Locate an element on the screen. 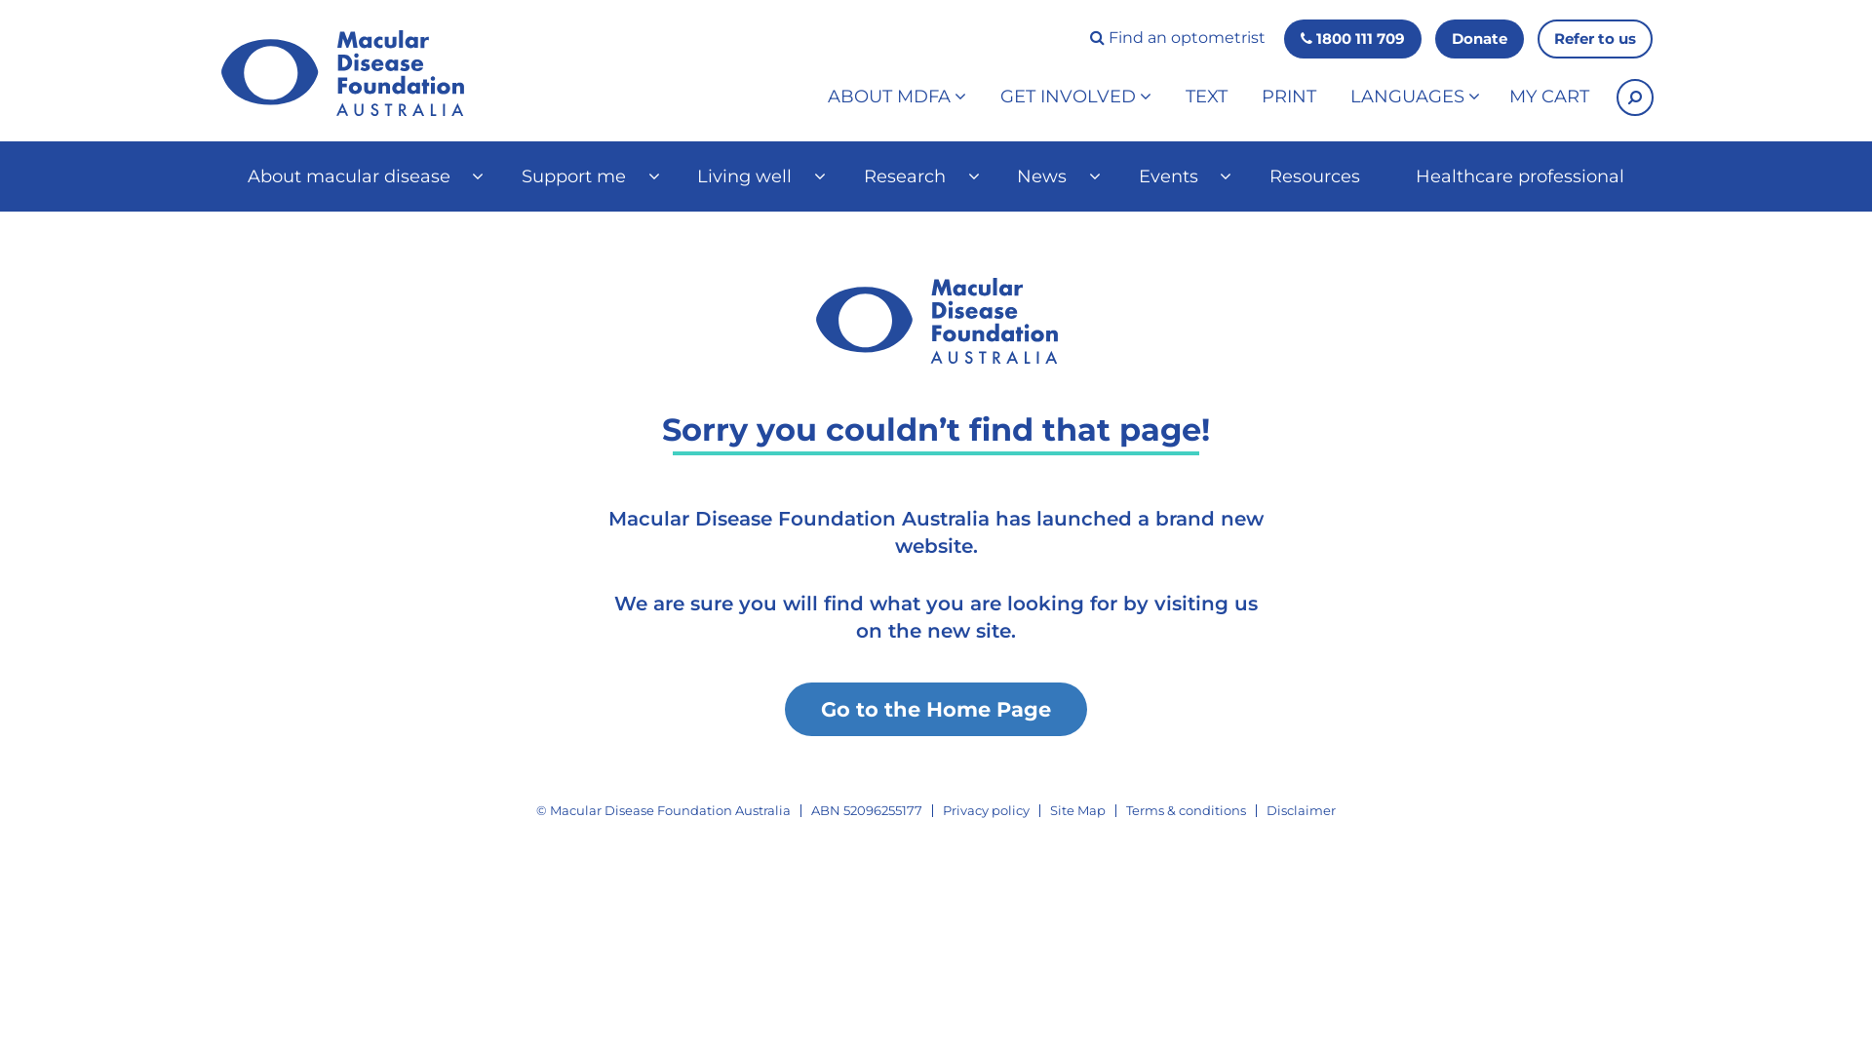 This screenshot has width=1872, height=1053. 'Disclaimer' is located at coordinates (1301, 809).